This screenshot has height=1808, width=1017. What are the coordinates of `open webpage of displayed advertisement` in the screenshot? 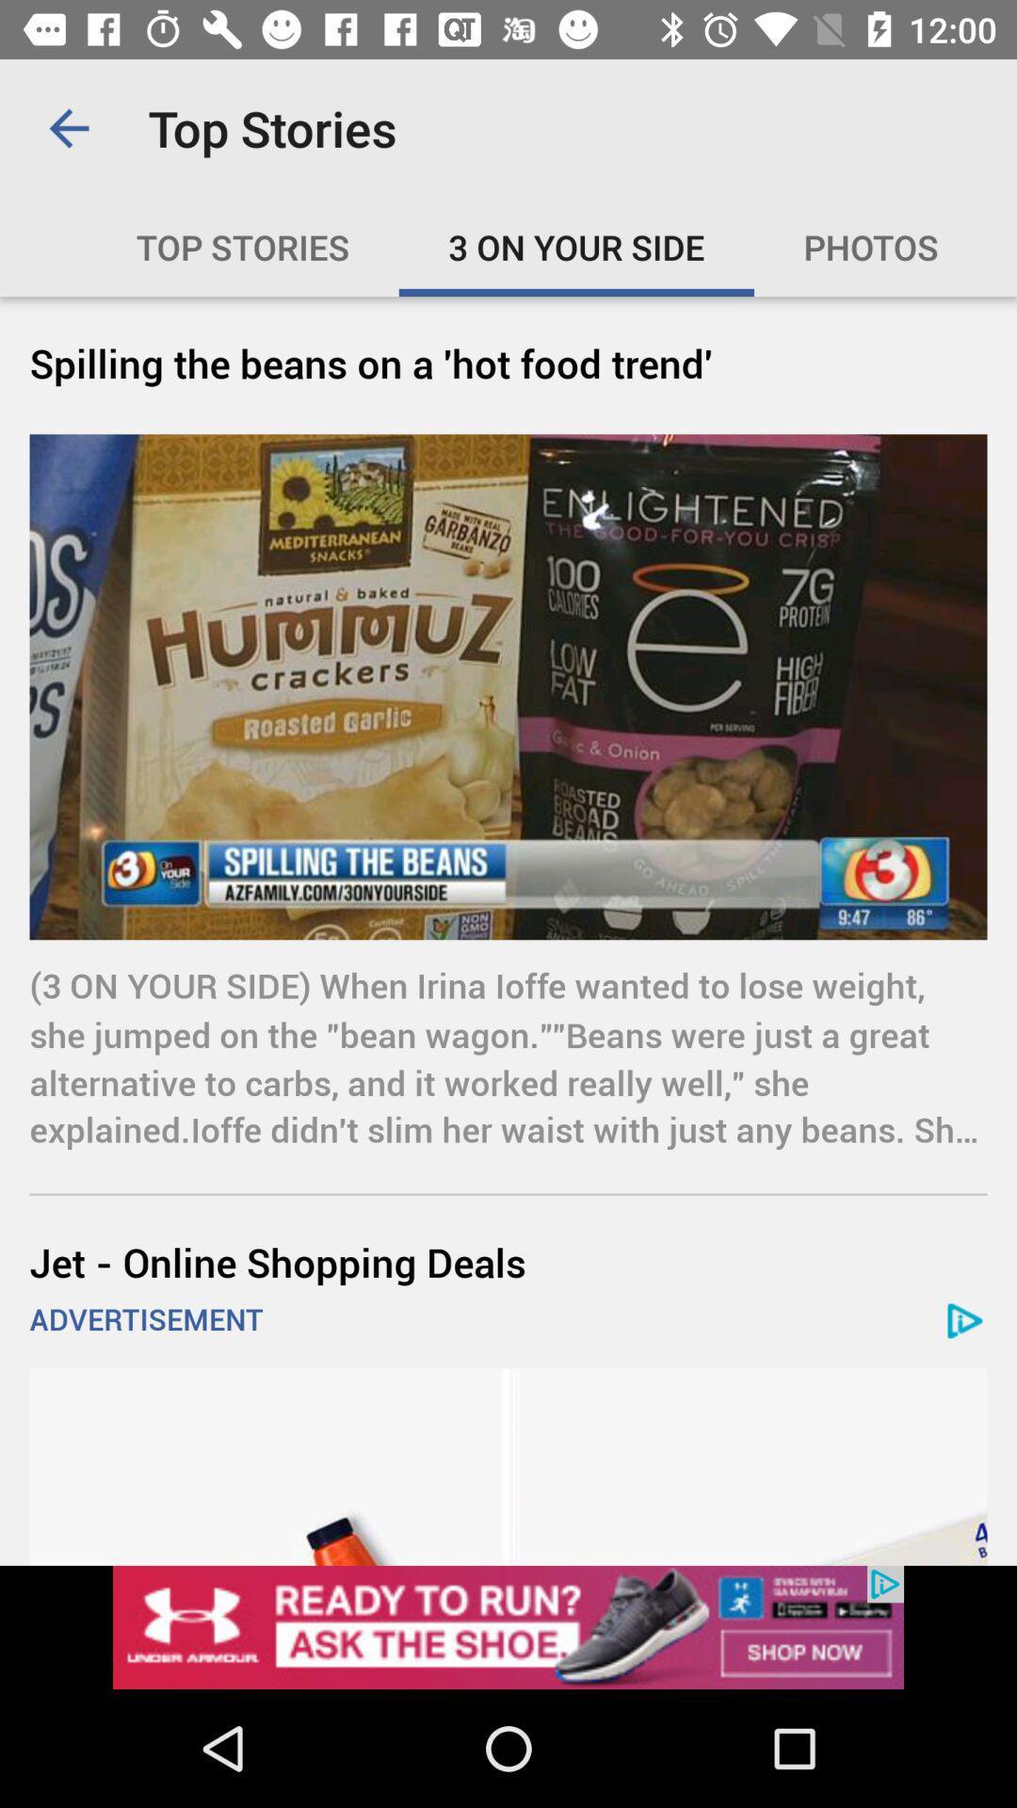 It's located at (508, 1626).